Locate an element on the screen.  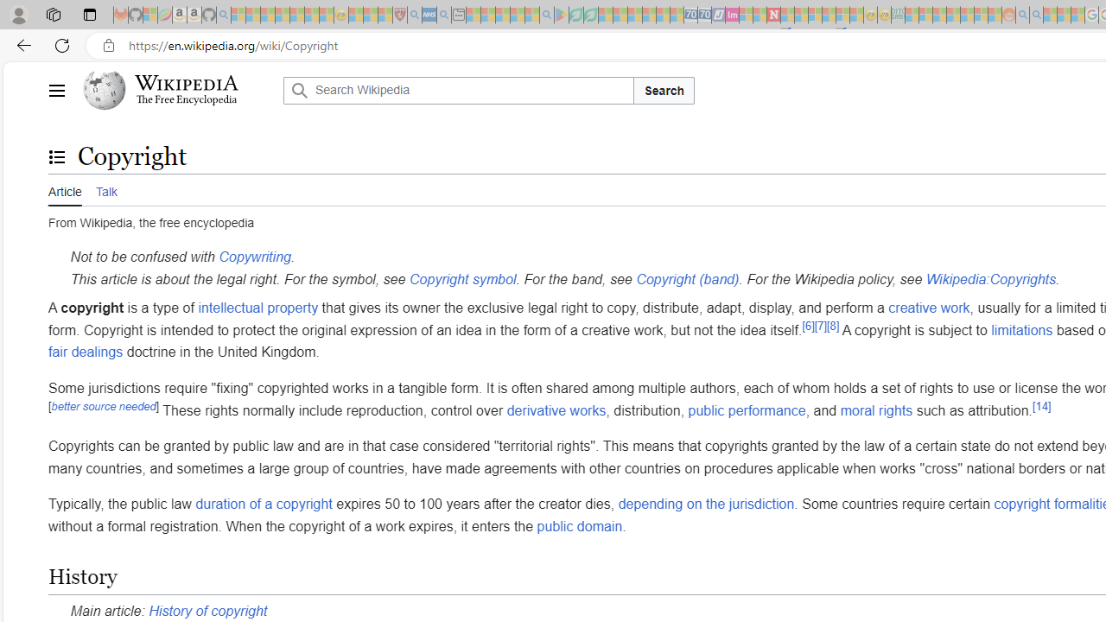
'MSNBC - MSN - Sleeping' is located at coordinates (912, 15).